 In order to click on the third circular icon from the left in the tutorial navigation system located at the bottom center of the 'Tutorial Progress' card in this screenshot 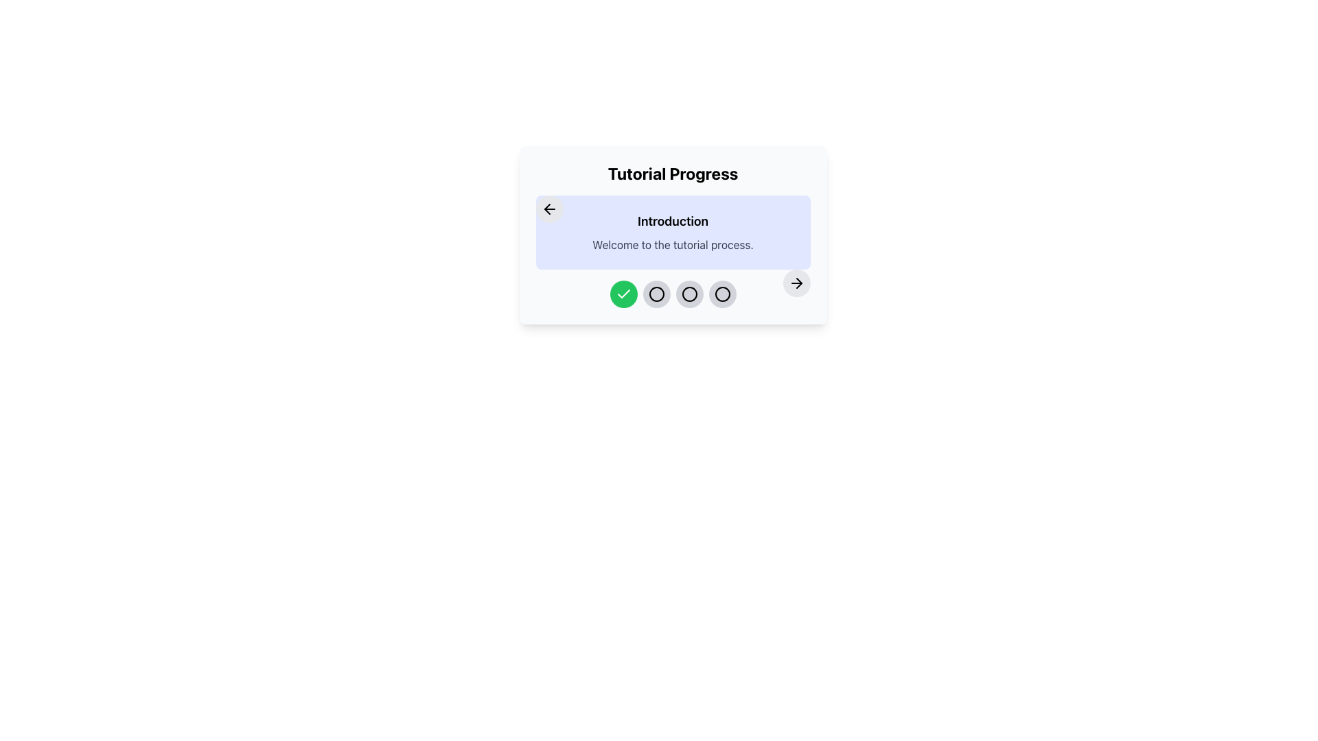, I will do `click(689, 293)`.